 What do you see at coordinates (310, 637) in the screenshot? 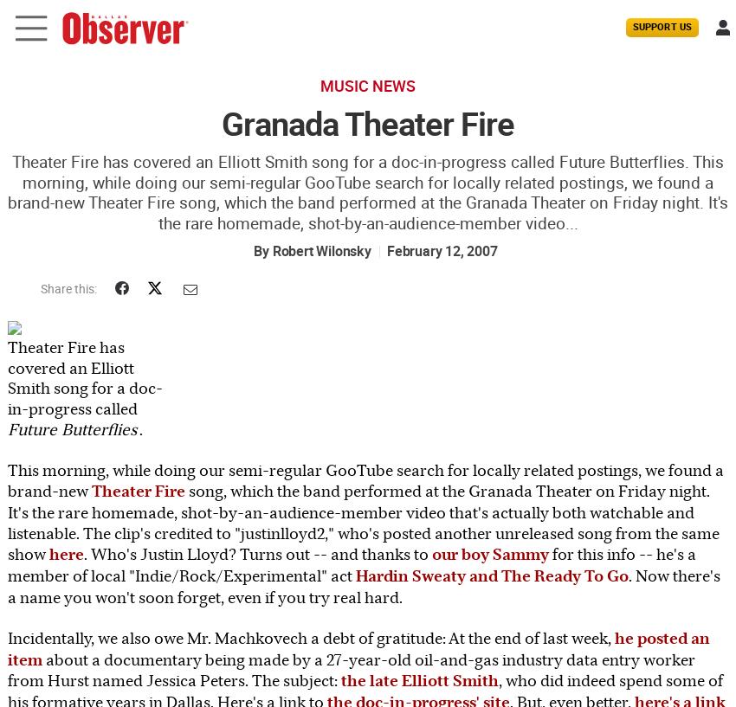
I see `'Incidentally, we also owe Mr. Machkovech a debt of gratitude: At the end of last week,'` at bounding box center [310, 637].